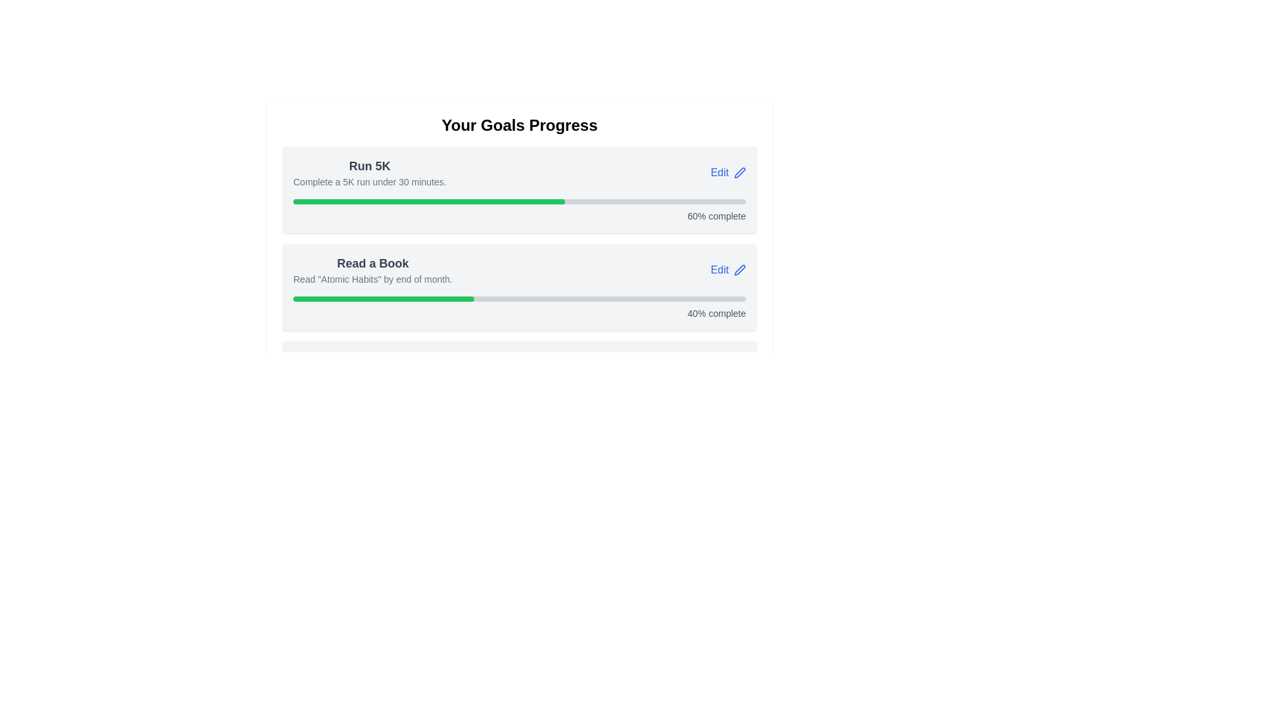 Image resolution: width=1263 pixels, height=710 pixels. I want to click on the edit icon, which is located to the right of the 'Edit' text in the upper segment of the goal list, associated with the first goal, so click(739, 172).